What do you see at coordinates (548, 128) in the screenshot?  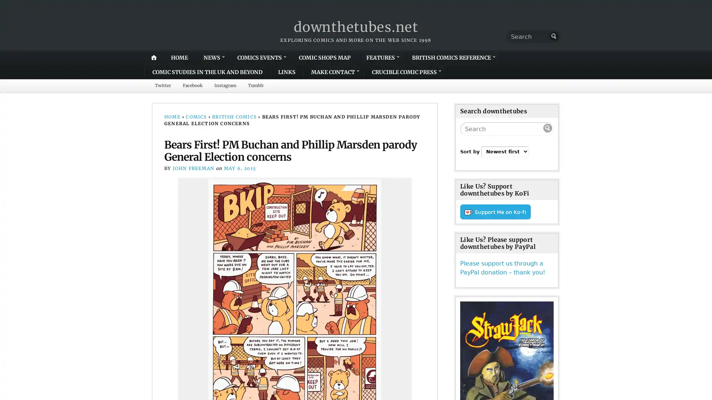 I see `Submit` at bounding box center [548, 128].